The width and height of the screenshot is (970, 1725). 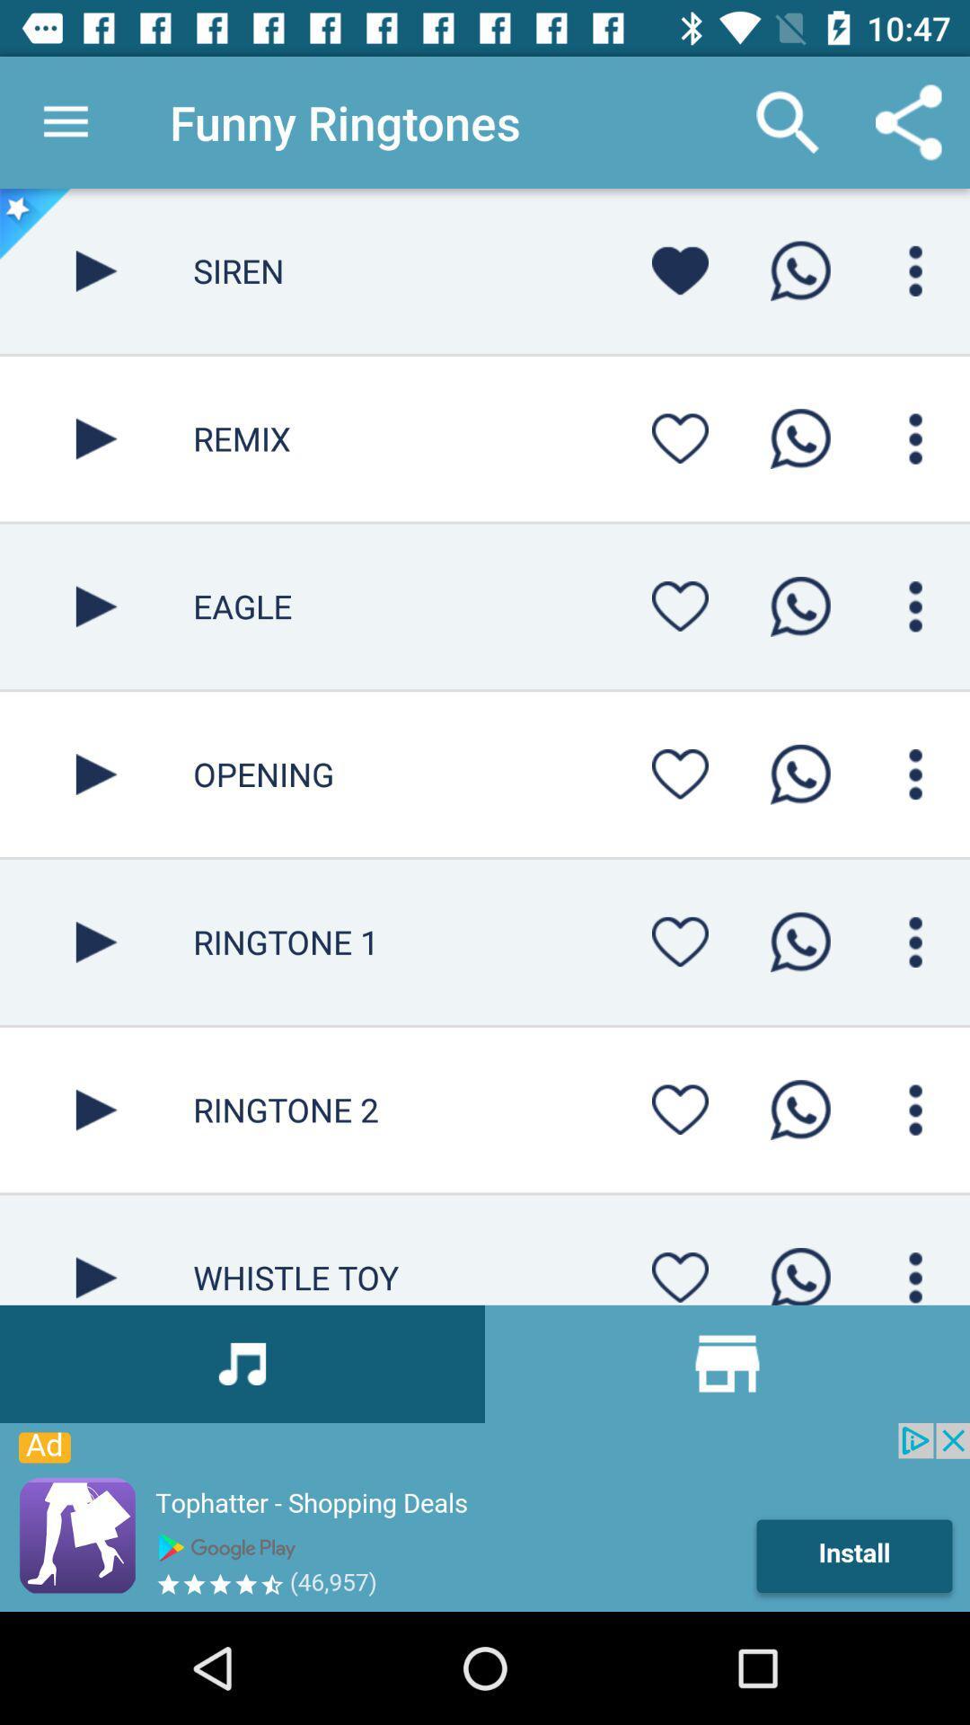 What do you see at coordinates (799, 774) in the screenshot?
I see `call` at bounding box center [799, 774].